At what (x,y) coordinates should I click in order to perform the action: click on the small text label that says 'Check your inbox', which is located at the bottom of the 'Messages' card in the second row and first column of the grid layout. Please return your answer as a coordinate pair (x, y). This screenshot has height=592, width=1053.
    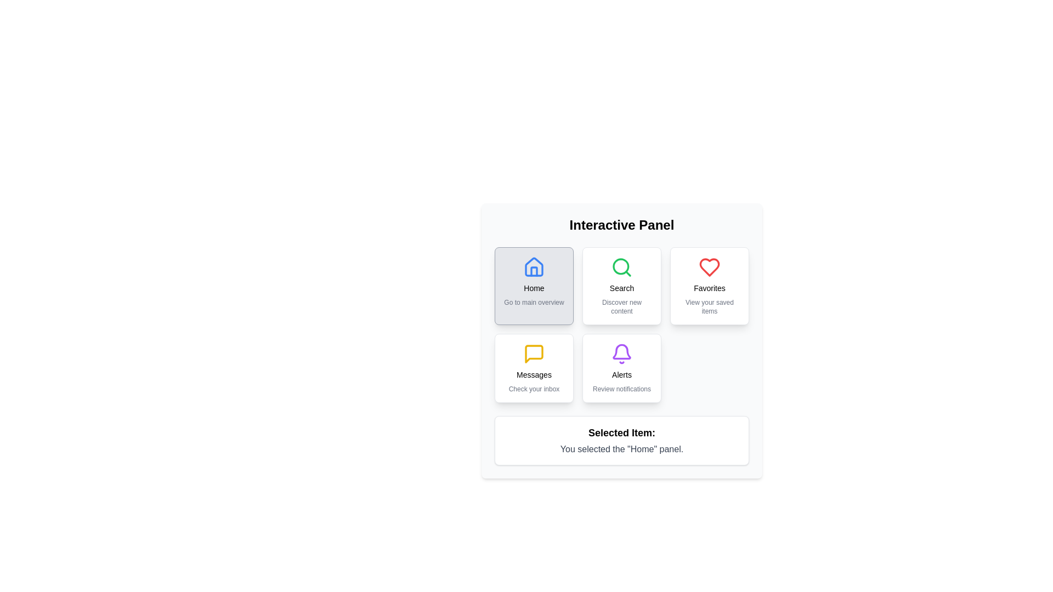
    Looking at the image, I should click on (534, 388).